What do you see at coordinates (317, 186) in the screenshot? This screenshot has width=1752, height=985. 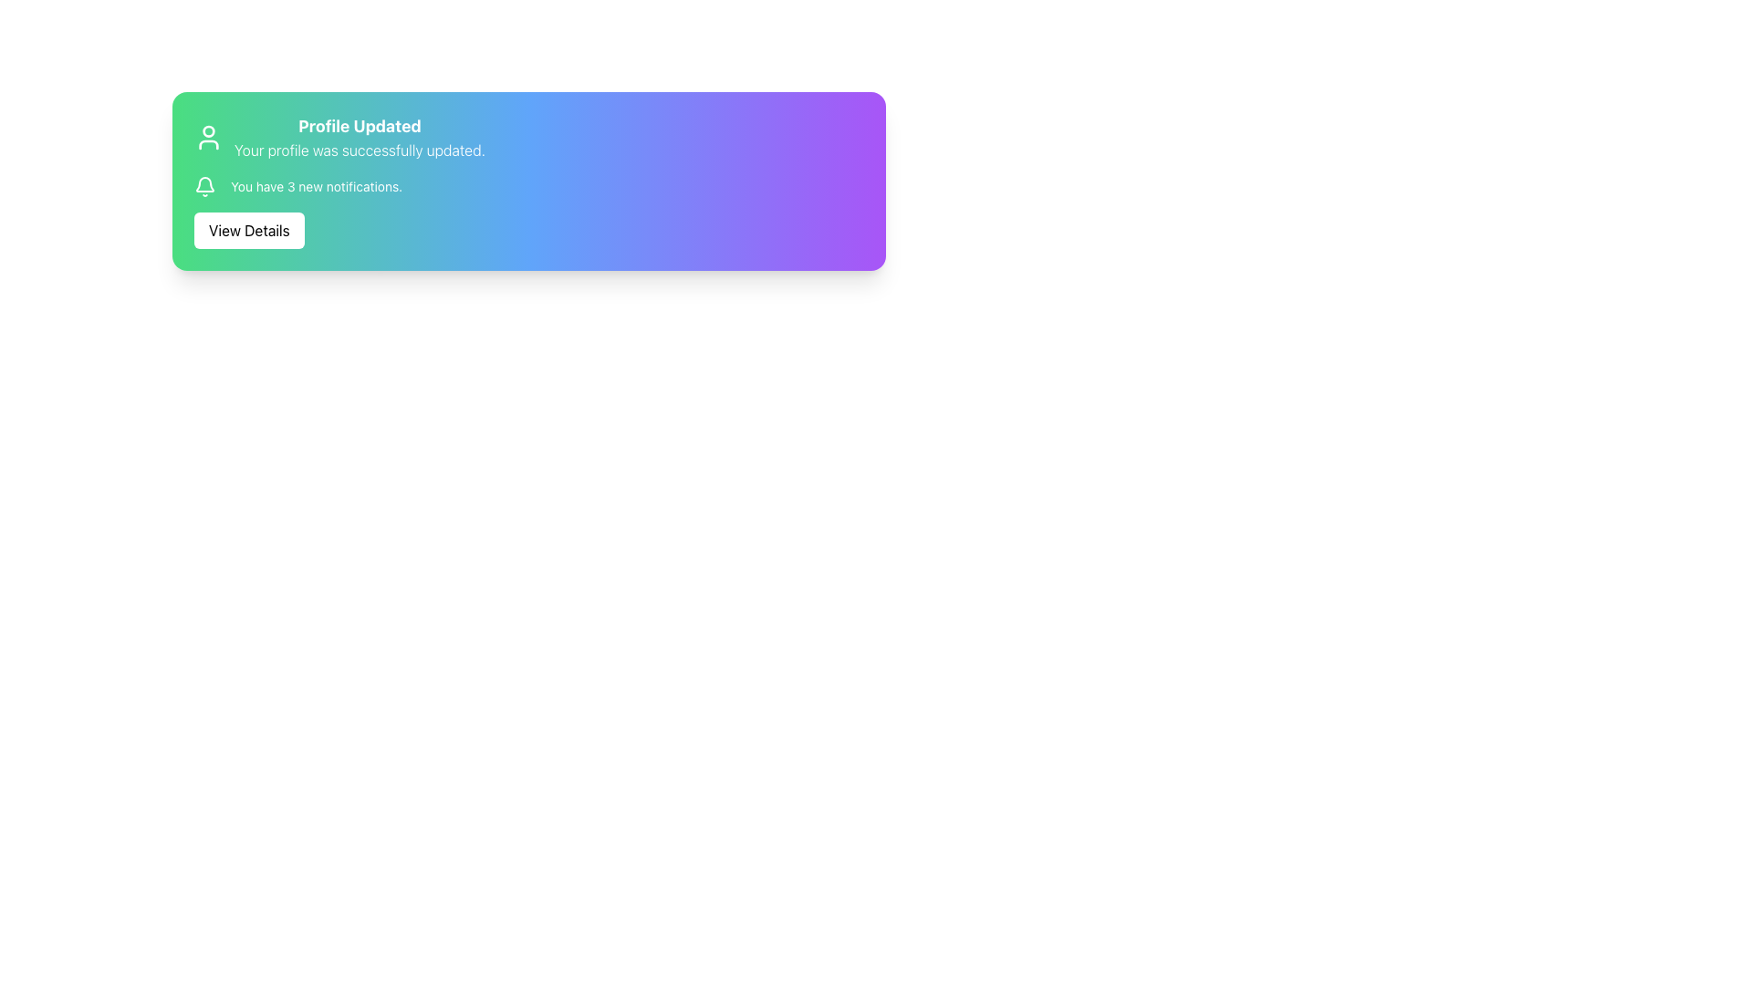 I see `the text label displaying 'You have 3 new notifications.' located to the right of the bell icon` at bounding box center [317, 186].